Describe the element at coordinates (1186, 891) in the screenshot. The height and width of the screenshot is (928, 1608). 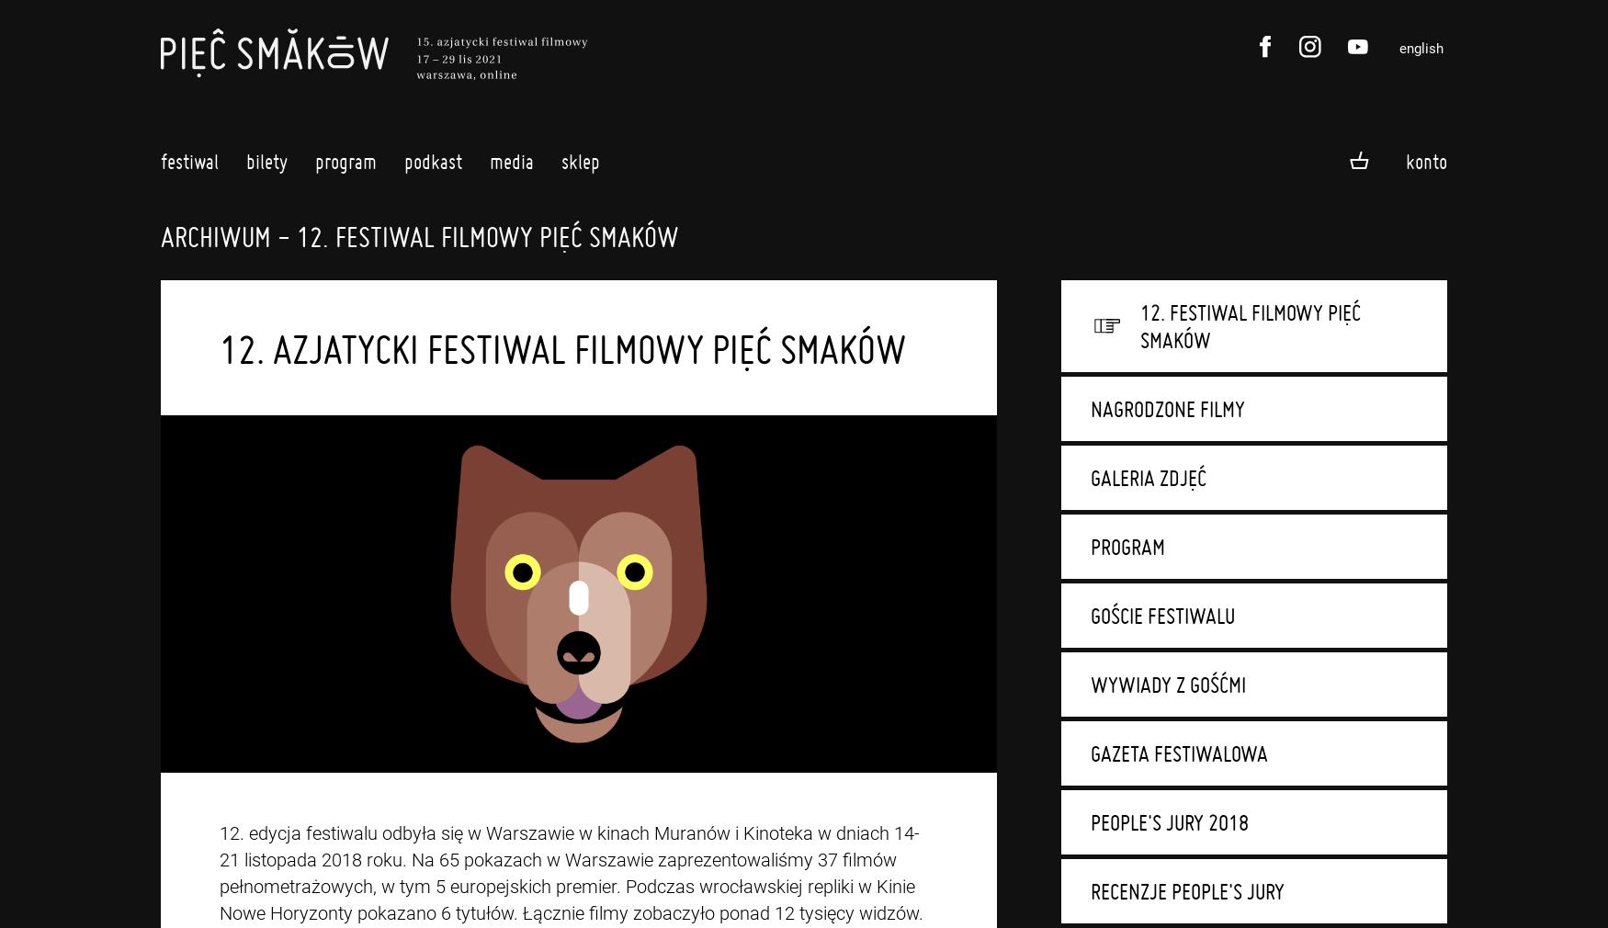
I see `'Recenzje People's Jury'` at that location.